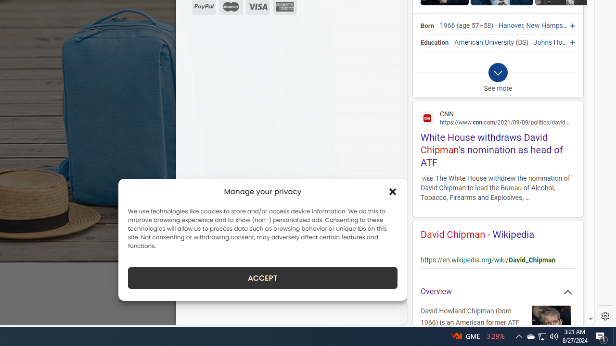  Describe the element at coordinates (393, 191) in the screenshot. I see `'Class: cmplz-close'` at that location.